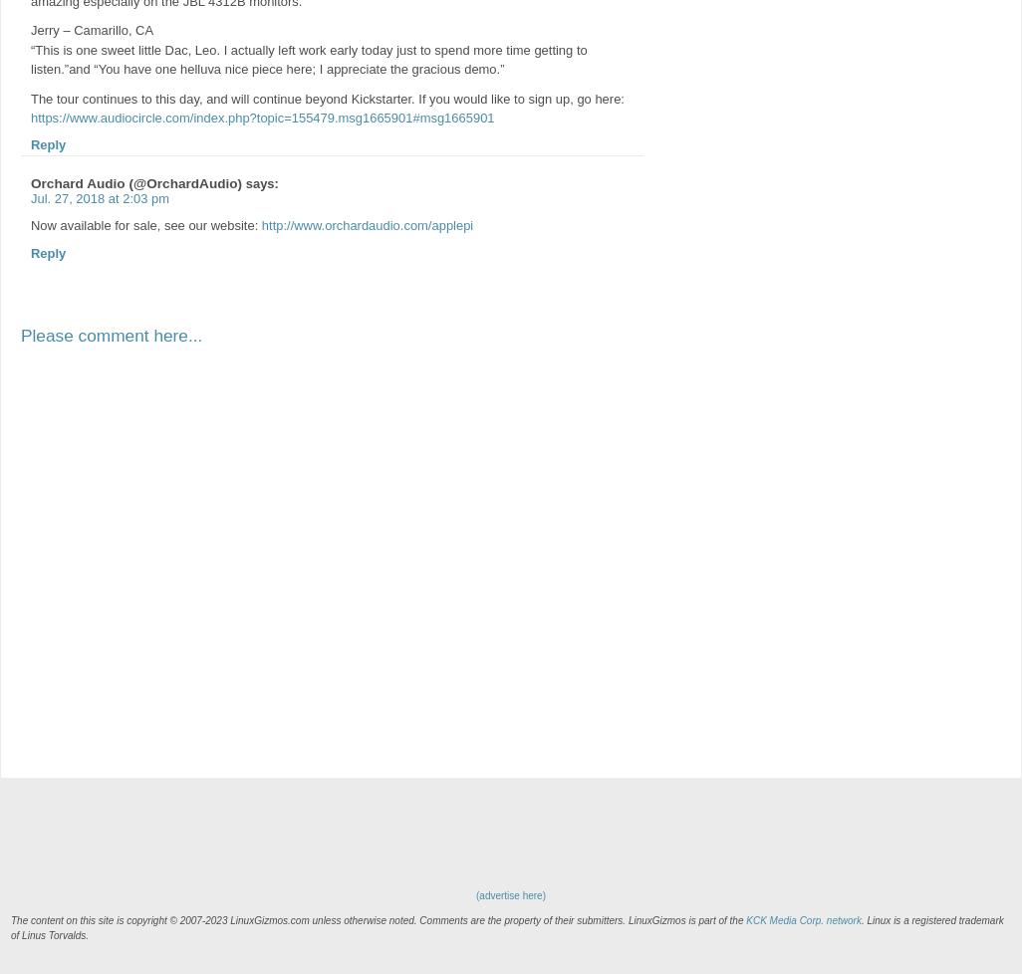  Describe the element at coordinates (378, 918) in the screenshot. I see `'The content on this site is copyright © 2007-2023 LinuxGizmos.com unless otherwise noted.  Comments are the property of their submitters. LinuxGizmos is part of the'` at that location.